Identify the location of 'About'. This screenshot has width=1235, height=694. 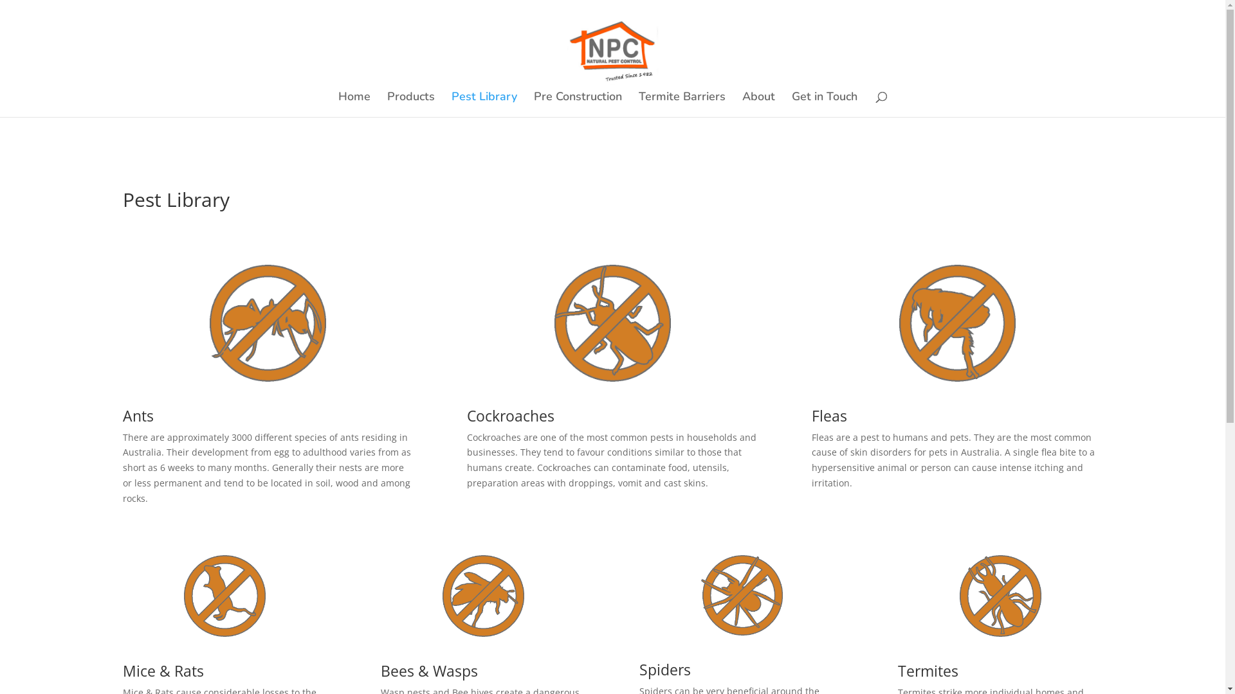
(758, 103).